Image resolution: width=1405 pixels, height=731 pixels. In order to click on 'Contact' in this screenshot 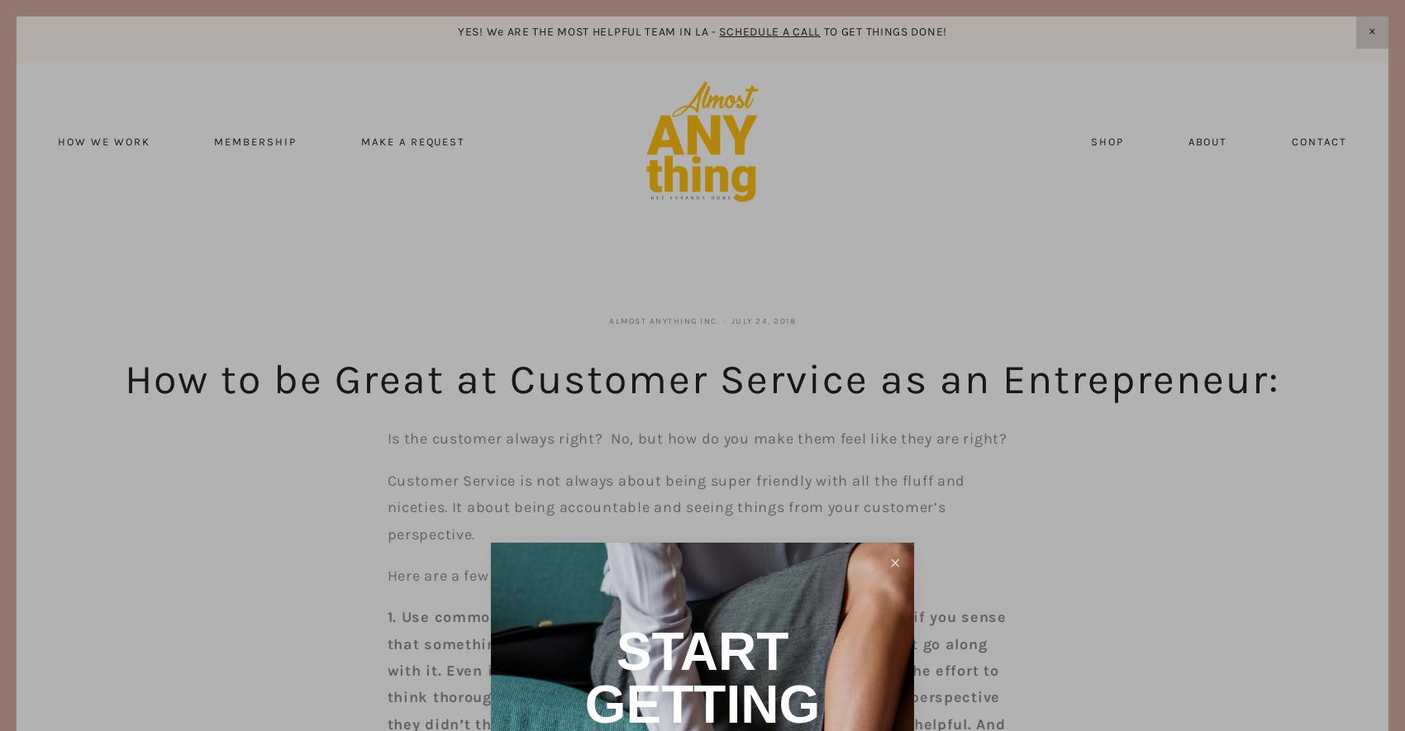, I will do `click(1318, 141)`.